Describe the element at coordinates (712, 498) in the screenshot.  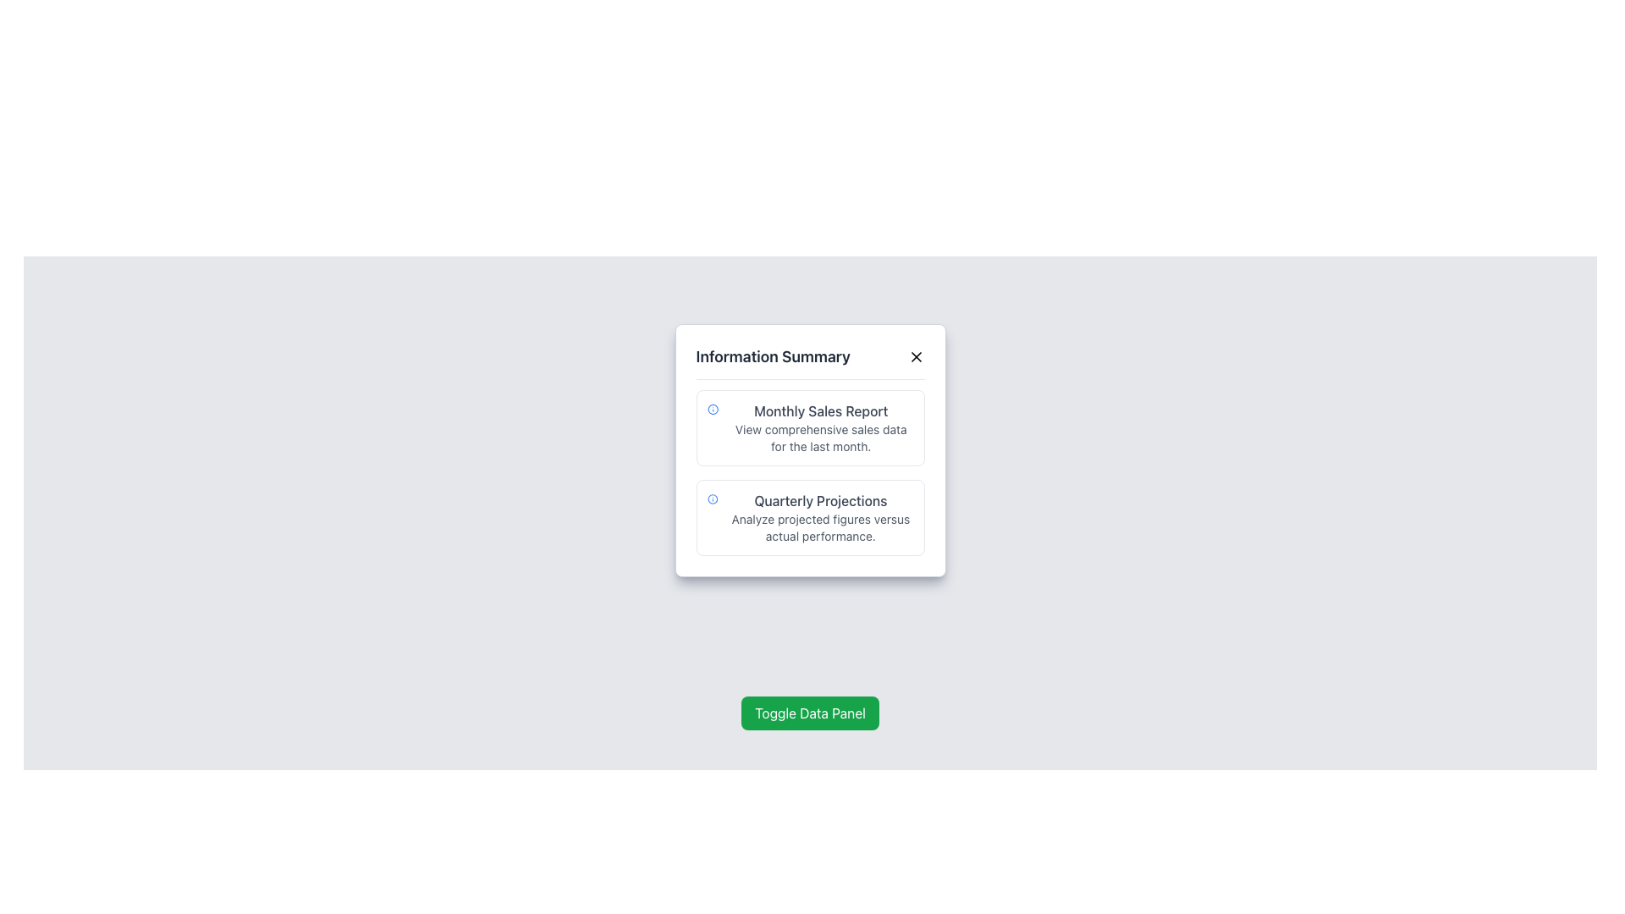
I see `the outer circle of the information icon located in the top-left corner of the widget, which visually indicates additional information about the 'Monthly Sales Report'` at that location.